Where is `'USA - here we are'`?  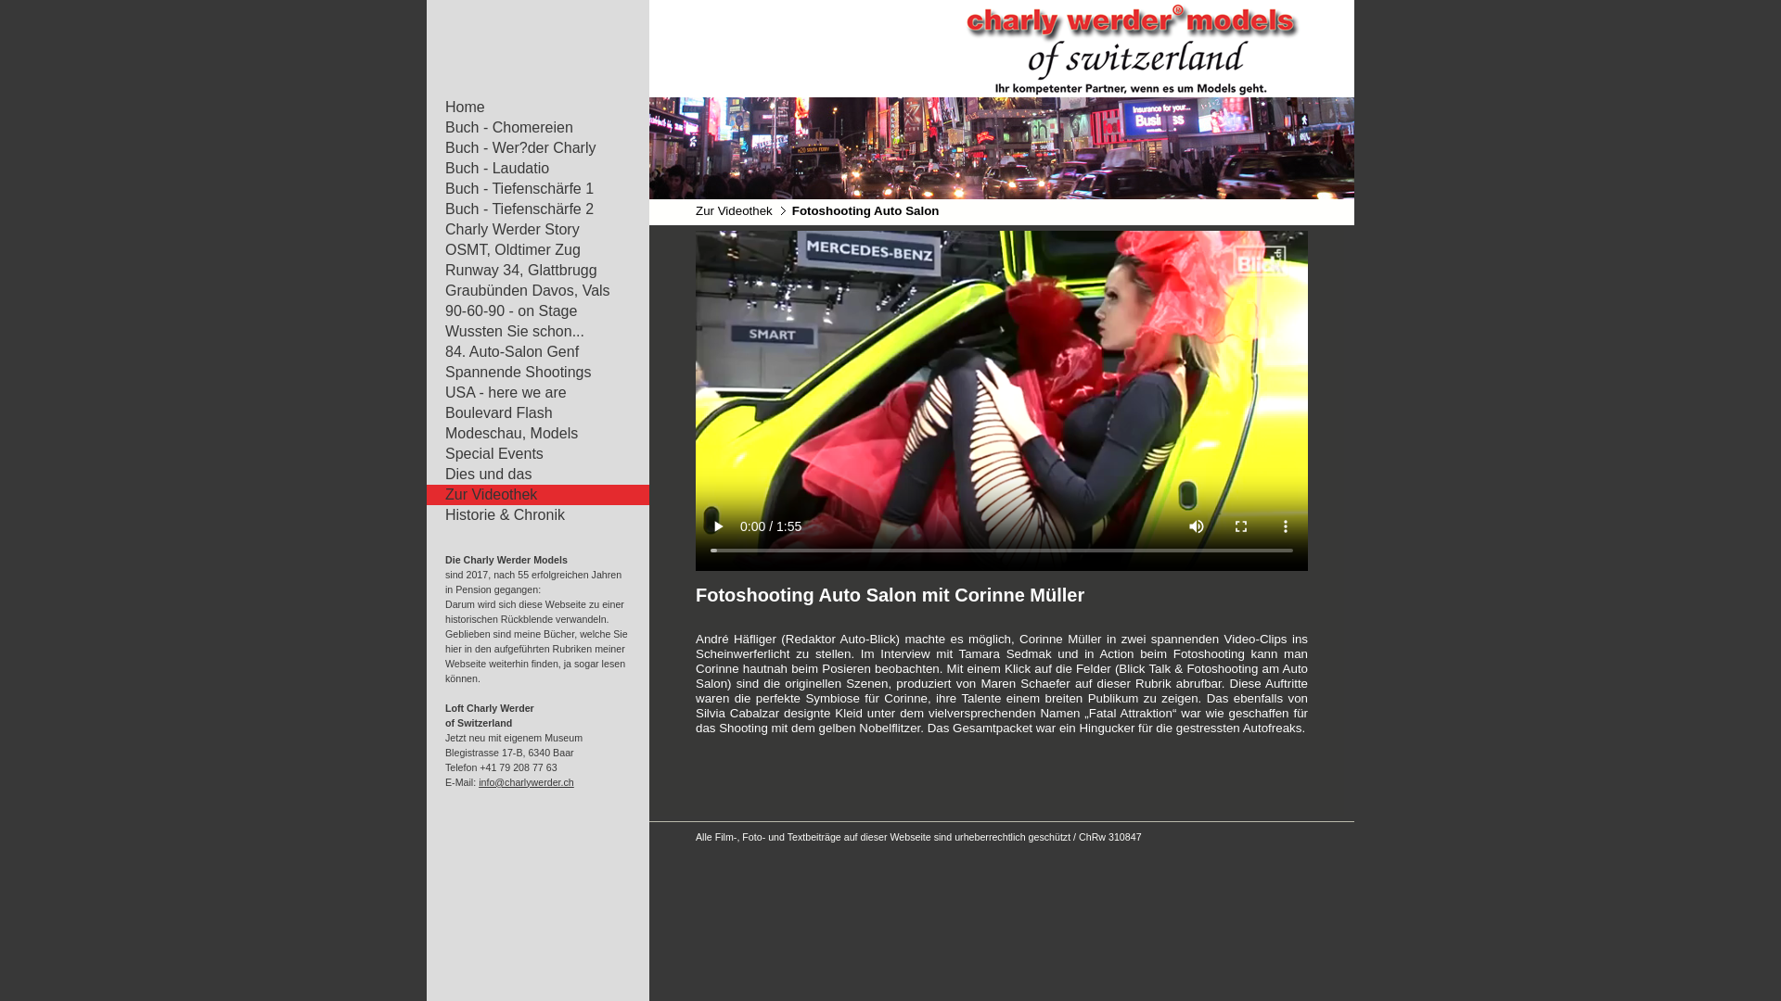 'USA - here we are' is located at coordinates (426, 392).